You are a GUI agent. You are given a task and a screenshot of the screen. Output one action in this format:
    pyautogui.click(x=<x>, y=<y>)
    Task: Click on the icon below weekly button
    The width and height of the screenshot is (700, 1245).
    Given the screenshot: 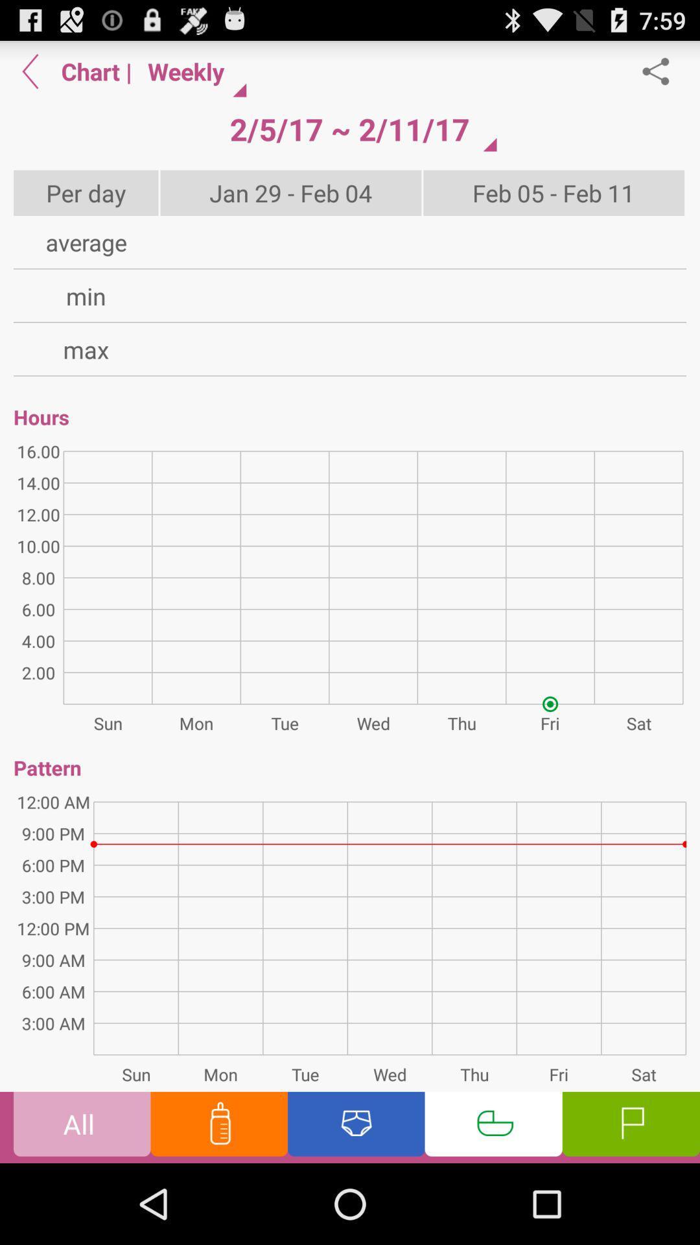 What is the action you would take?
    pyautogui.click(x=349, y=129)
    